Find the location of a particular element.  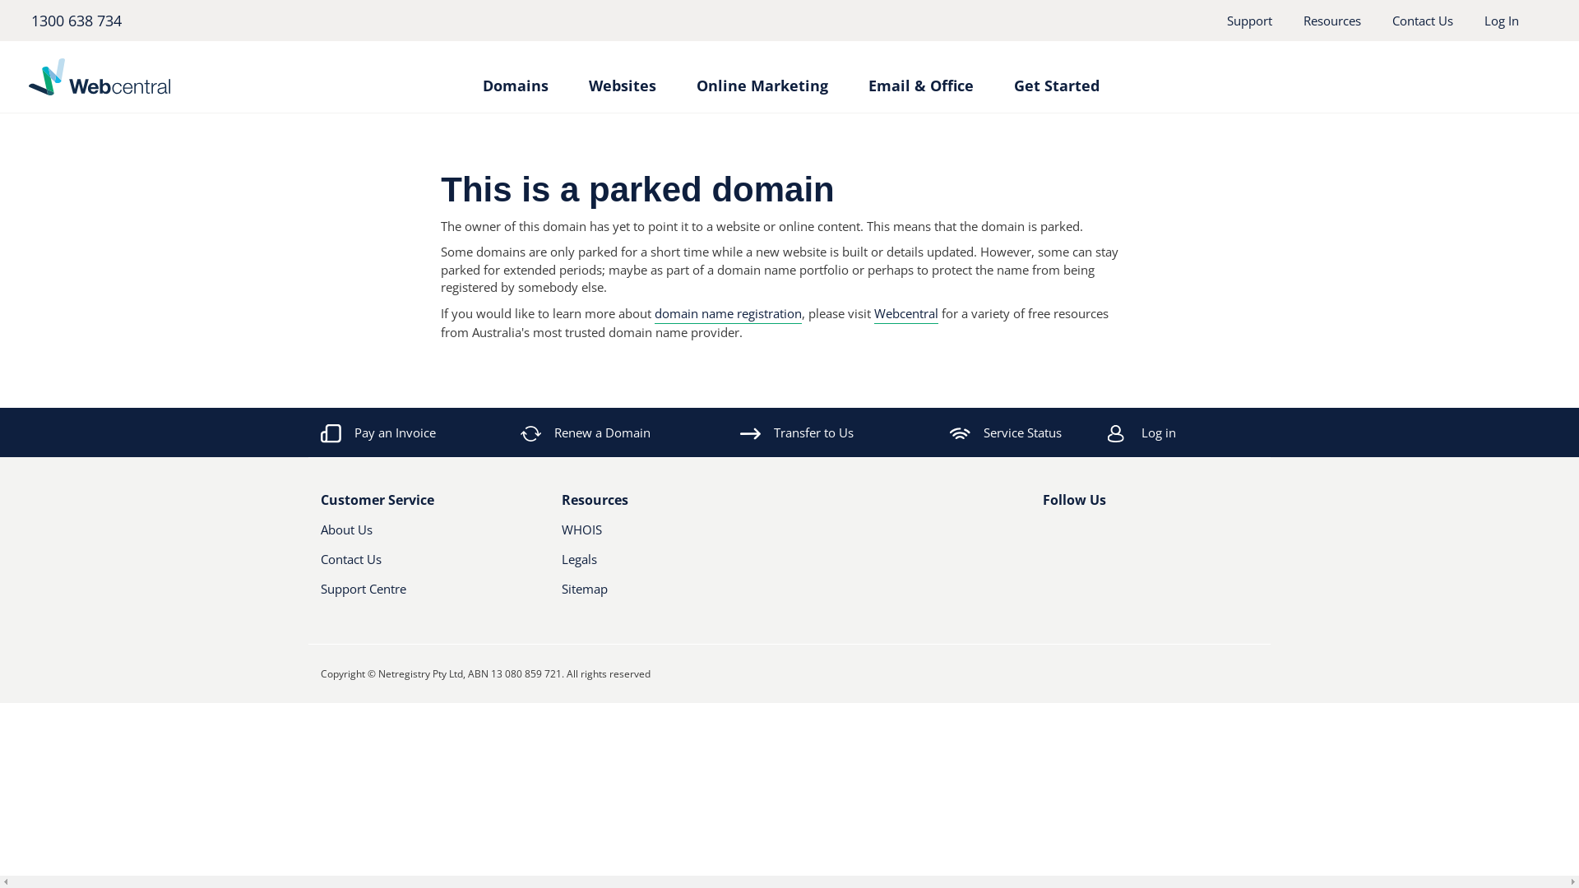

'Contact Us' is located at coordinates (1391, 20).